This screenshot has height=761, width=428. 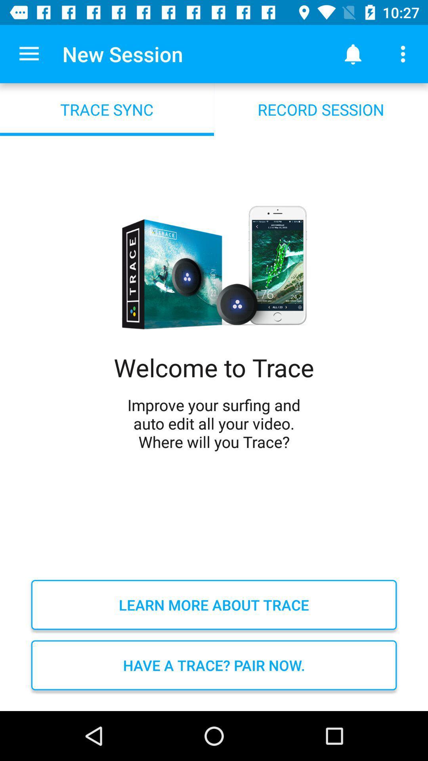 What do you see at coordinates (214, 665) in the screenshot?
I see `the item below the learn more about icon` at bounding box center [214, 665].